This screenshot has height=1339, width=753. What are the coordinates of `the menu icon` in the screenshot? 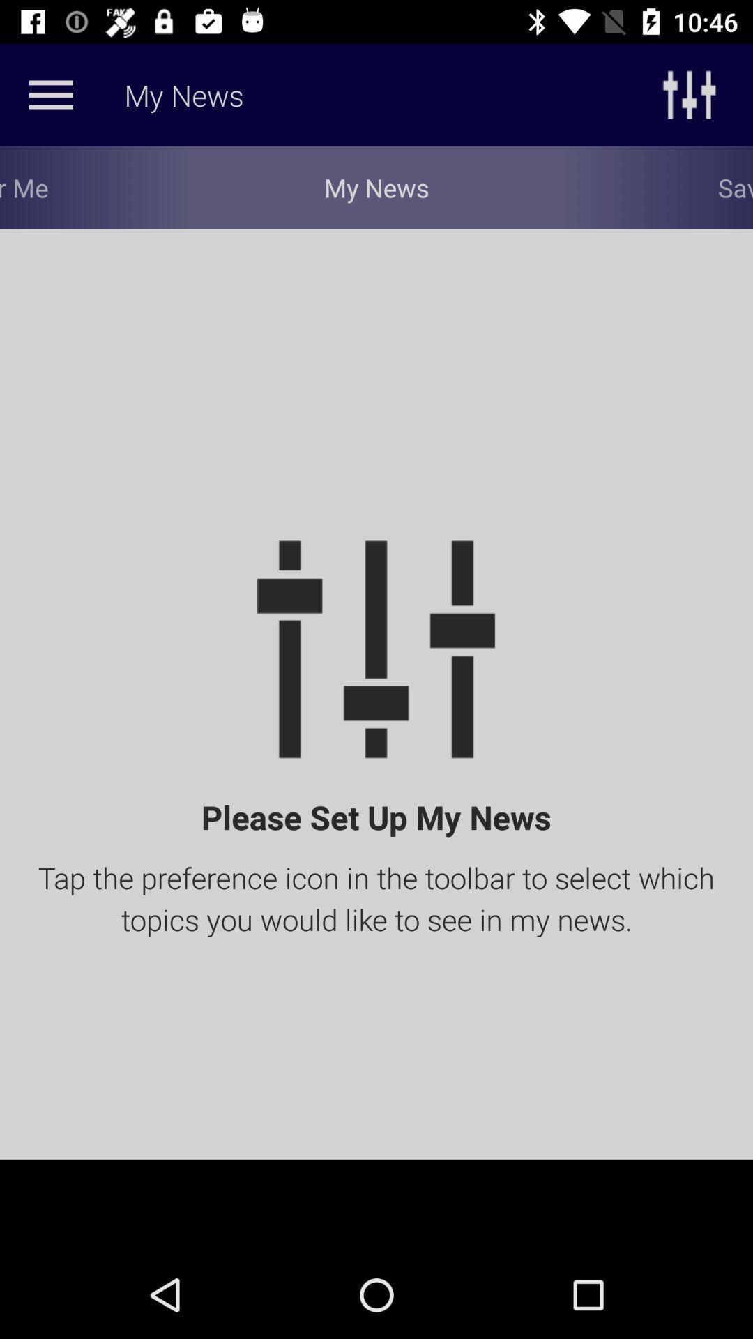 It's located at (50, 94).